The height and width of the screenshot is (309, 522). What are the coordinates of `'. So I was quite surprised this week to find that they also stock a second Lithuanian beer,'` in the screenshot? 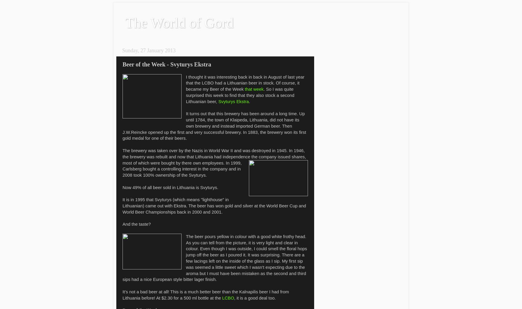 It's located at (185, 95).